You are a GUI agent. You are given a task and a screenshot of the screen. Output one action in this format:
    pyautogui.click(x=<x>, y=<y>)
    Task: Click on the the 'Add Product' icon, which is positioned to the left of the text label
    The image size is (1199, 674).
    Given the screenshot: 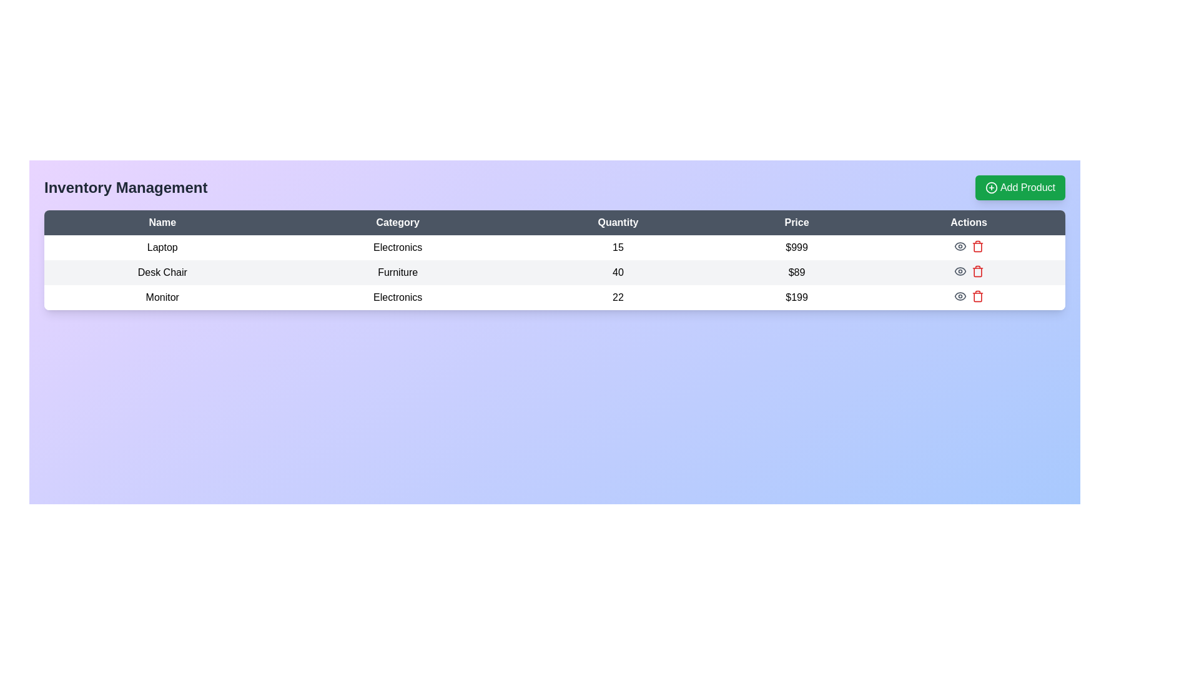 What is the action you would take?
    pyautogui.click(x=991, y=187)
    